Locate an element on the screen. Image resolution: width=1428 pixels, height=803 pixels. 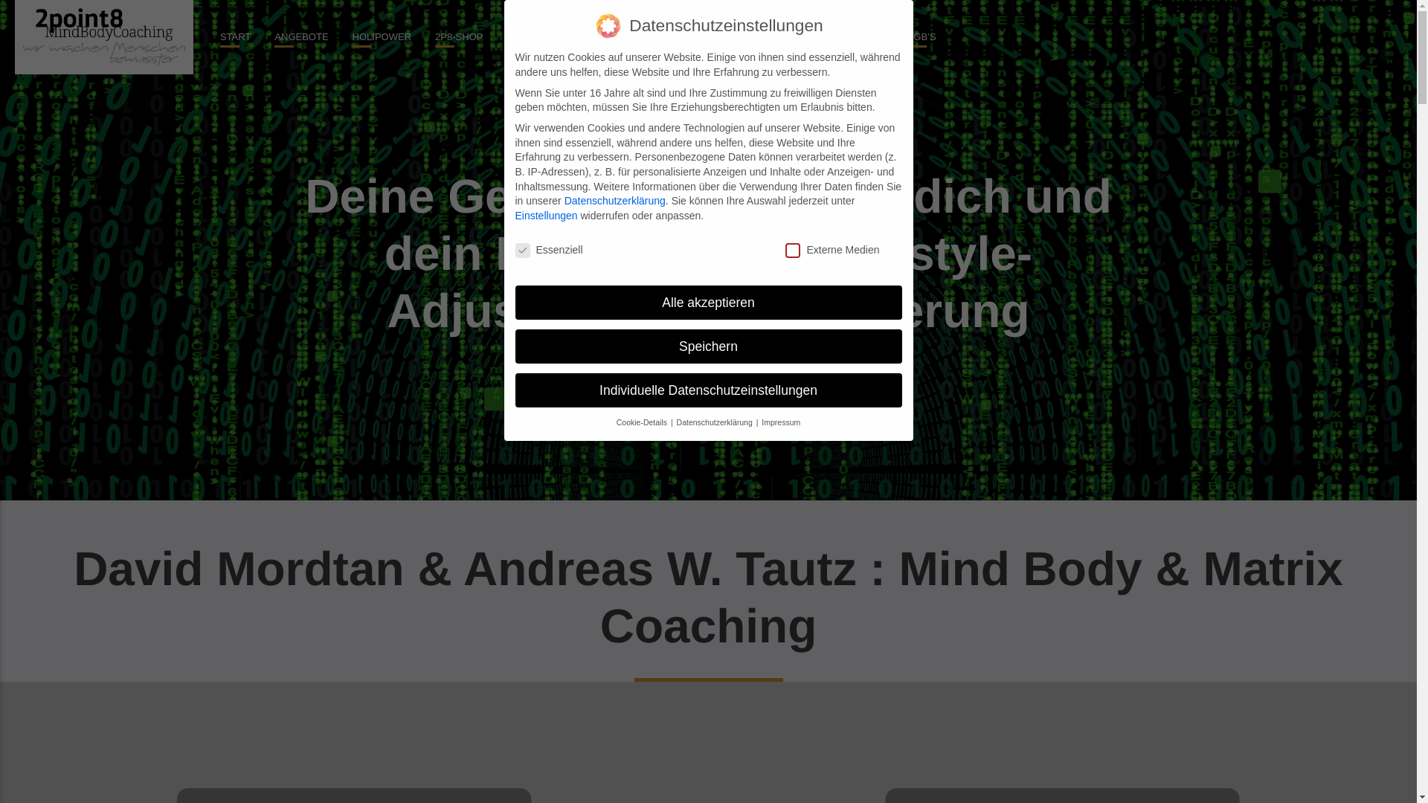
'IMMUNSYSTEM' is located at coordinates (728, 36).